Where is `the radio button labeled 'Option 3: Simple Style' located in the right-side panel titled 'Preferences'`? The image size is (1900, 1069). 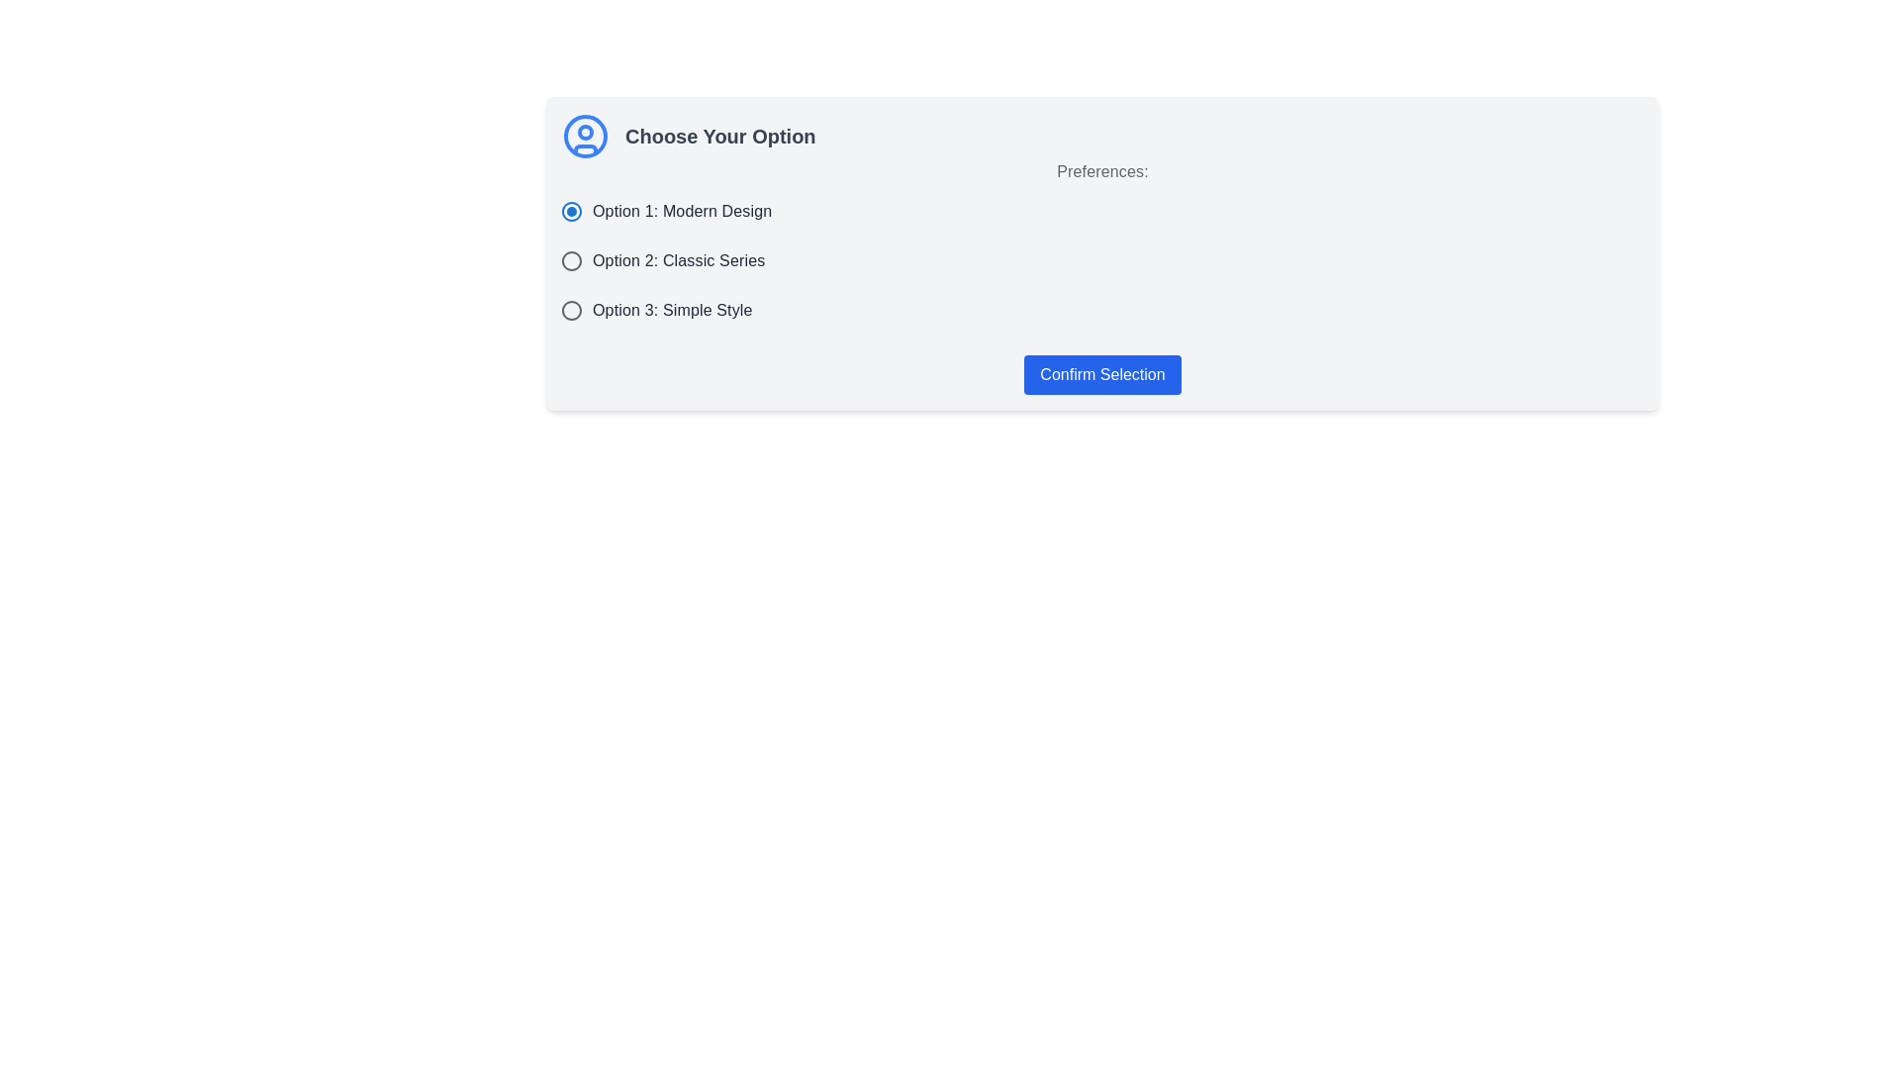
the radio button labeled 'Option 3: Simple Style' located in the right-side panel titled 'Preferences' is located at coordinates (570, 310).